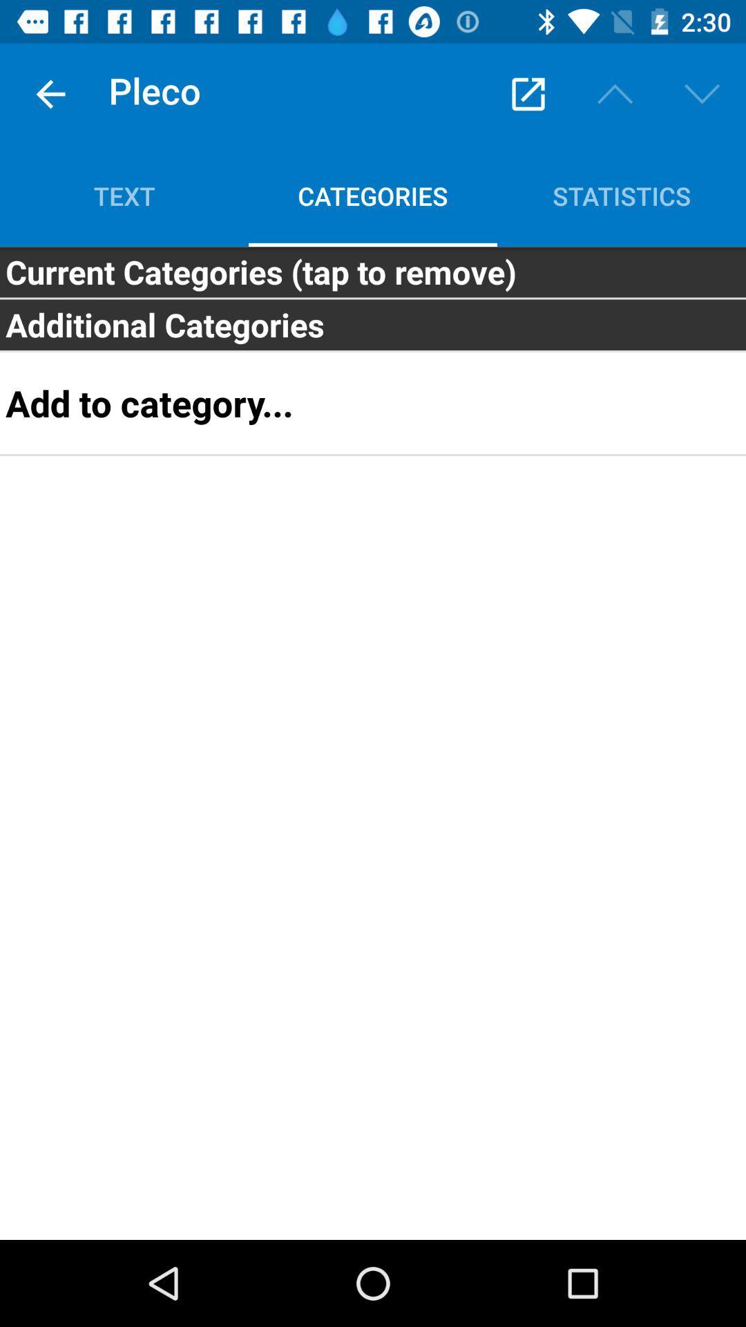  Describe the element at coordinates (124, 195) in the screenshot. I see `icon to the left of the categories icon` at that location.